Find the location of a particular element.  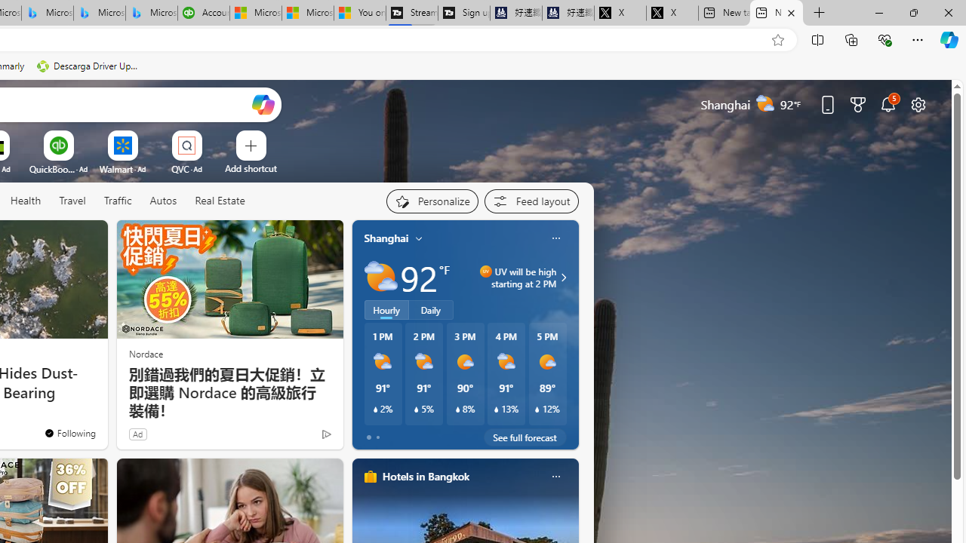

'Health' is located at coordinates (25, 201).